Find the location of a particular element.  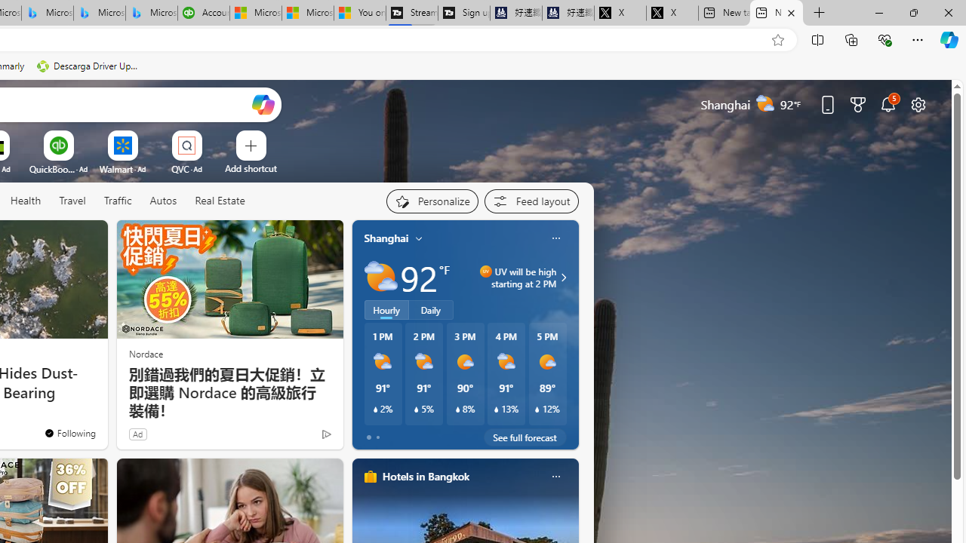

'Health' is located at coordinates (25, 201).